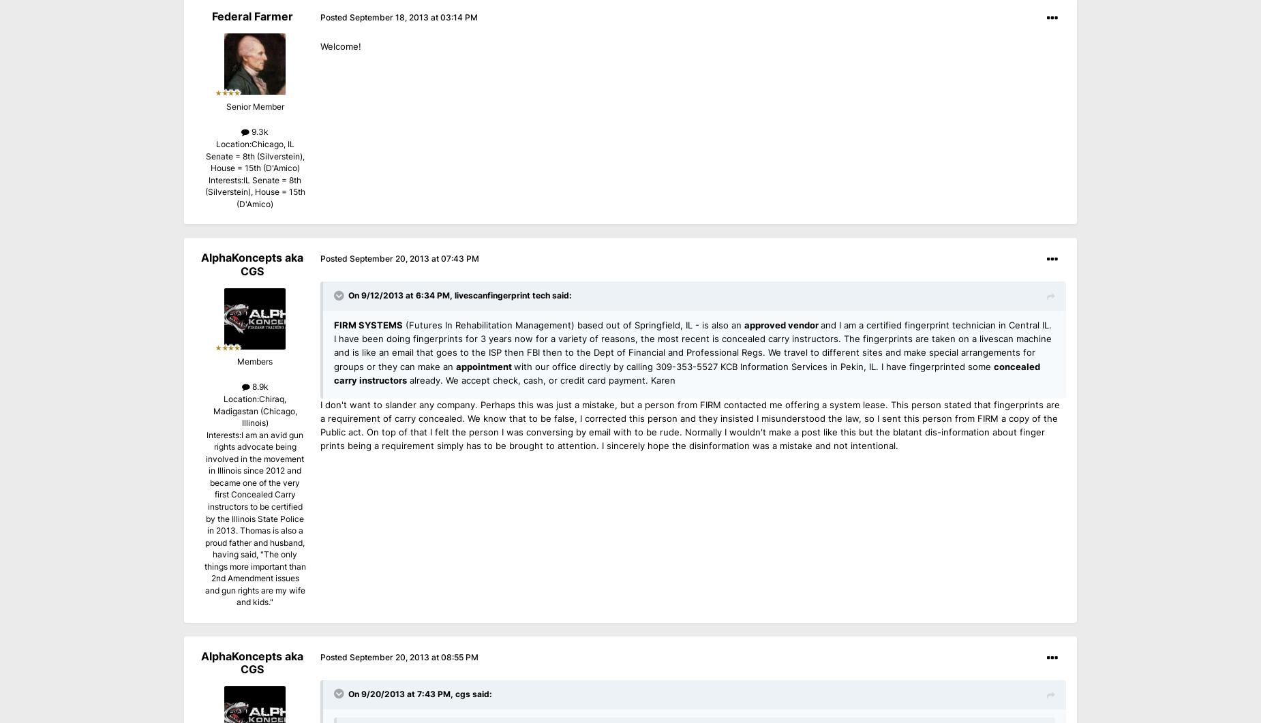  Describe the element at coordinates (460, 295) in the screenshot. I see `'On 9/12/2013 at 6:34 PM, livescanfingerprint tech said:'` at that location.